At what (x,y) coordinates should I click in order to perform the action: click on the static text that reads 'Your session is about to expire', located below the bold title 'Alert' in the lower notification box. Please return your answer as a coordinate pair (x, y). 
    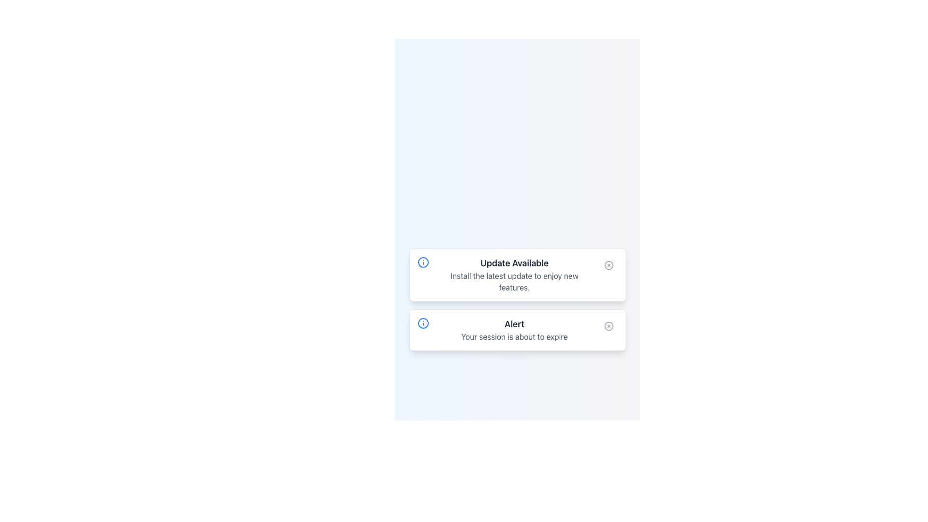
    Looking at the image, I should click on (514, 336).